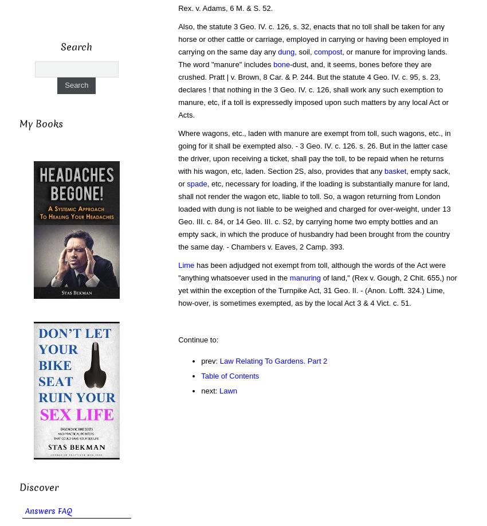  I want to click on 'next:', so click(209, 391).